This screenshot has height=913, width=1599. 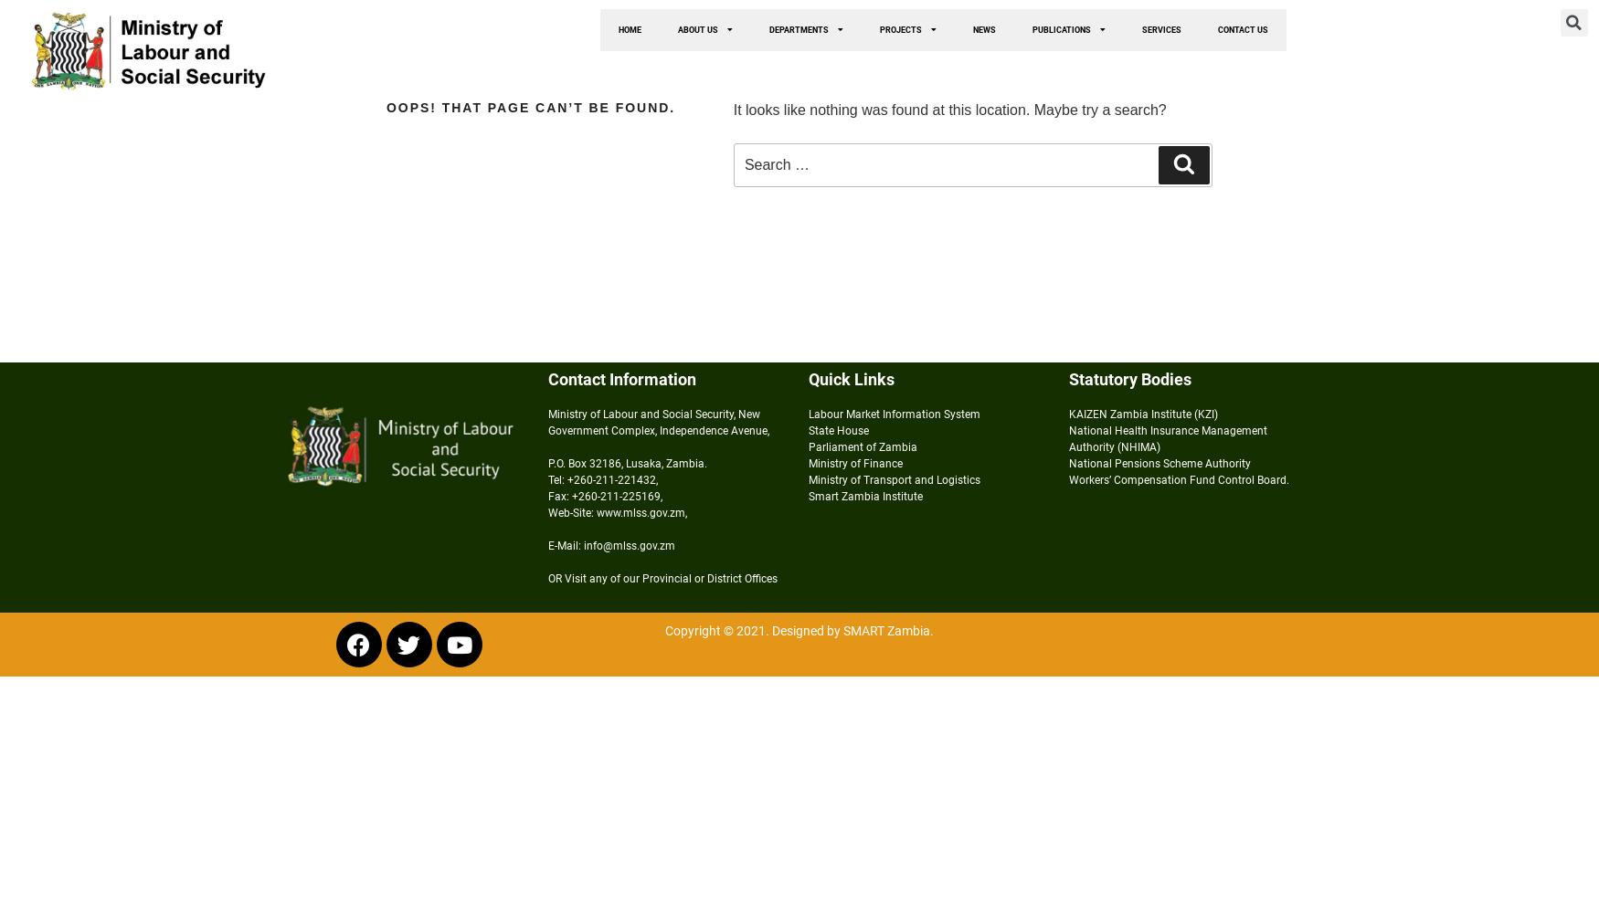 I want to click on 'Tel: +260-211-221432,', so click(x=601, y=480).